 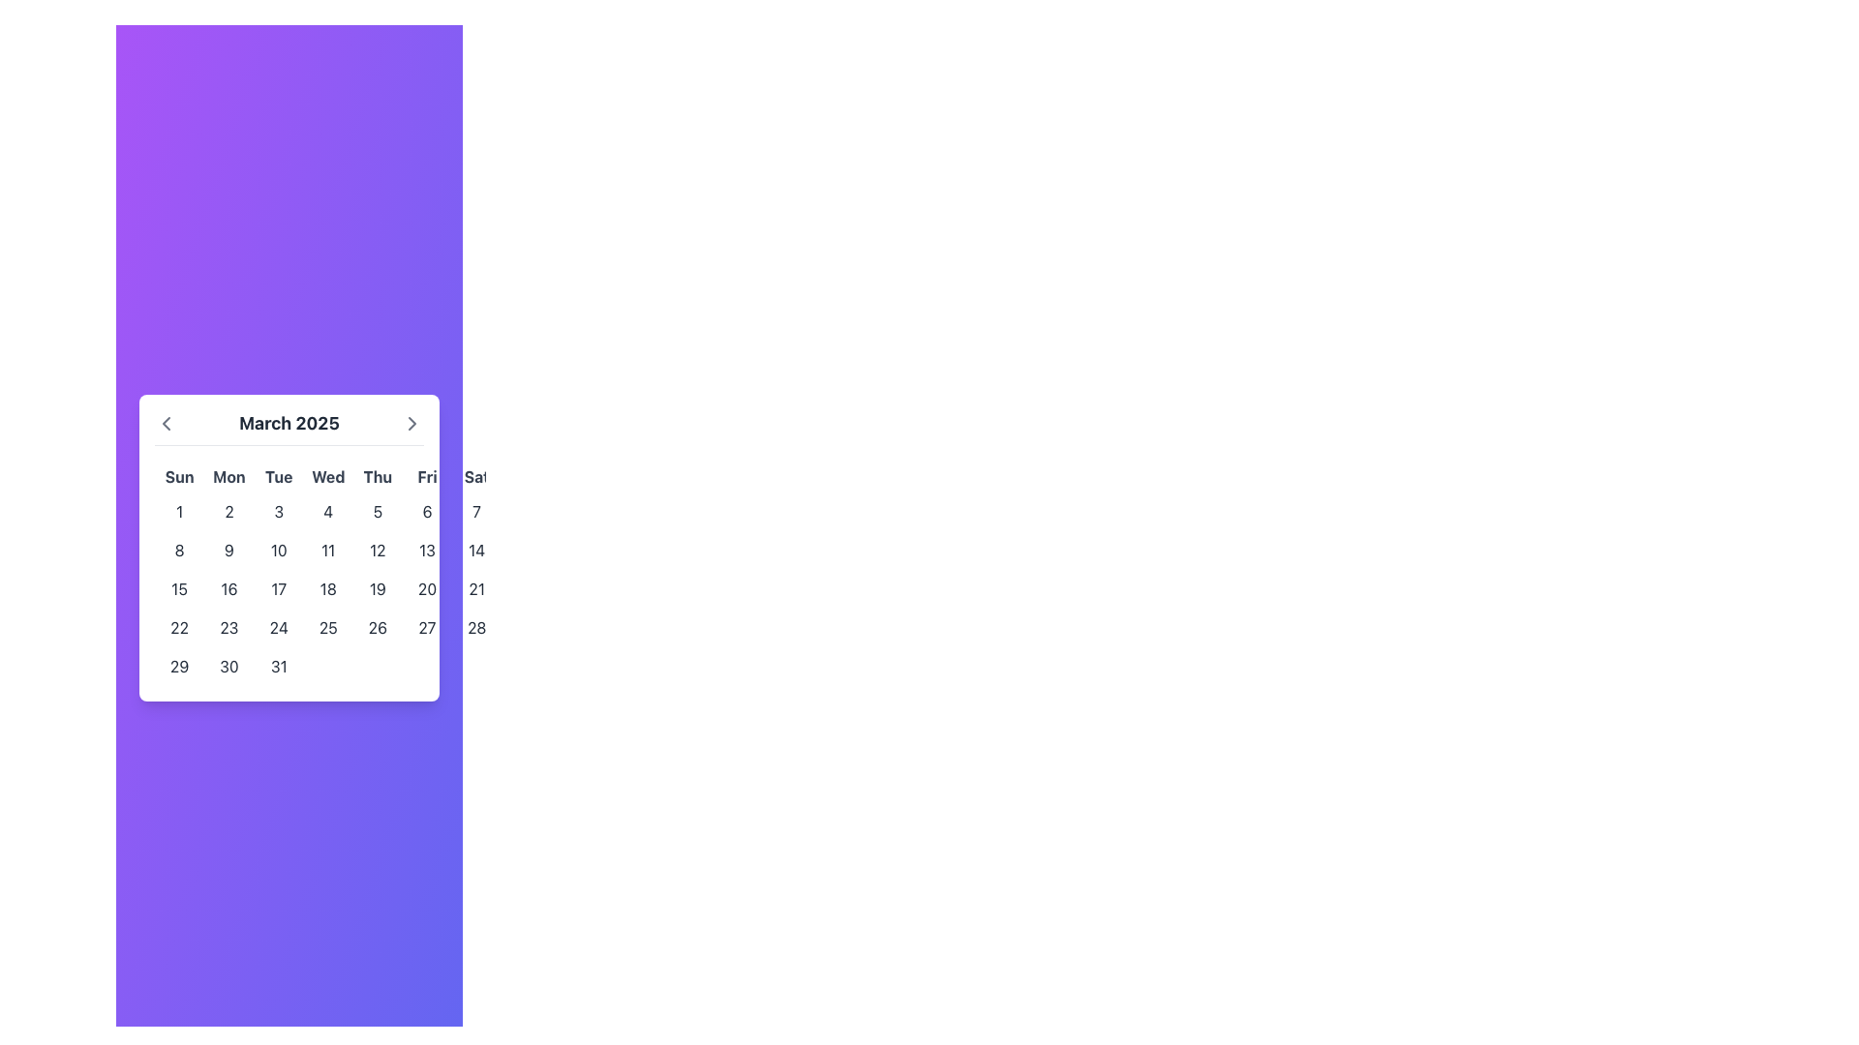 I want to click on the static text element representing the date '21' in the calendar grid, so click(x=476, y=587).